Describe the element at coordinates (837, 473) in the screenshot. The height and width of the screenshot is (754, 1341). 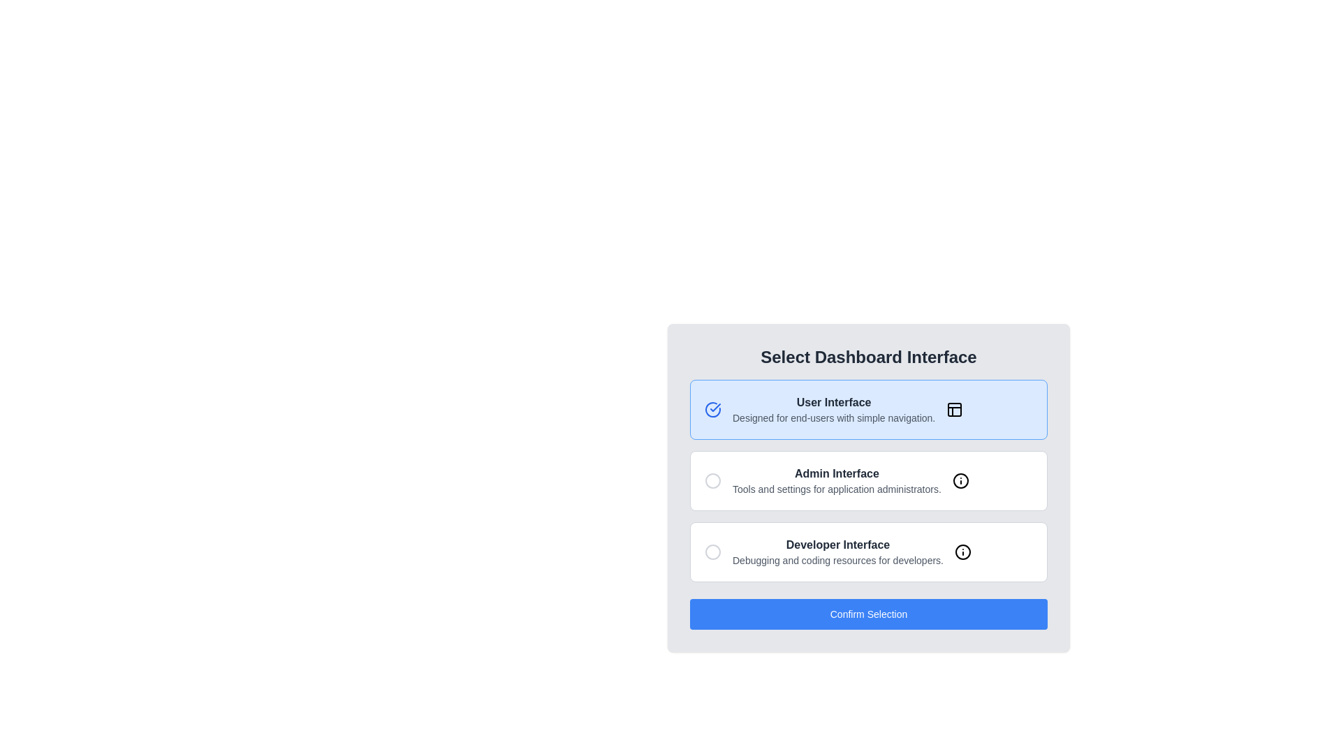
I see `the 'Admin Interface' text label located in the second option section of the interface selection card, which is positioned between 'User Interface' and 'Developer Interface'` at that location.